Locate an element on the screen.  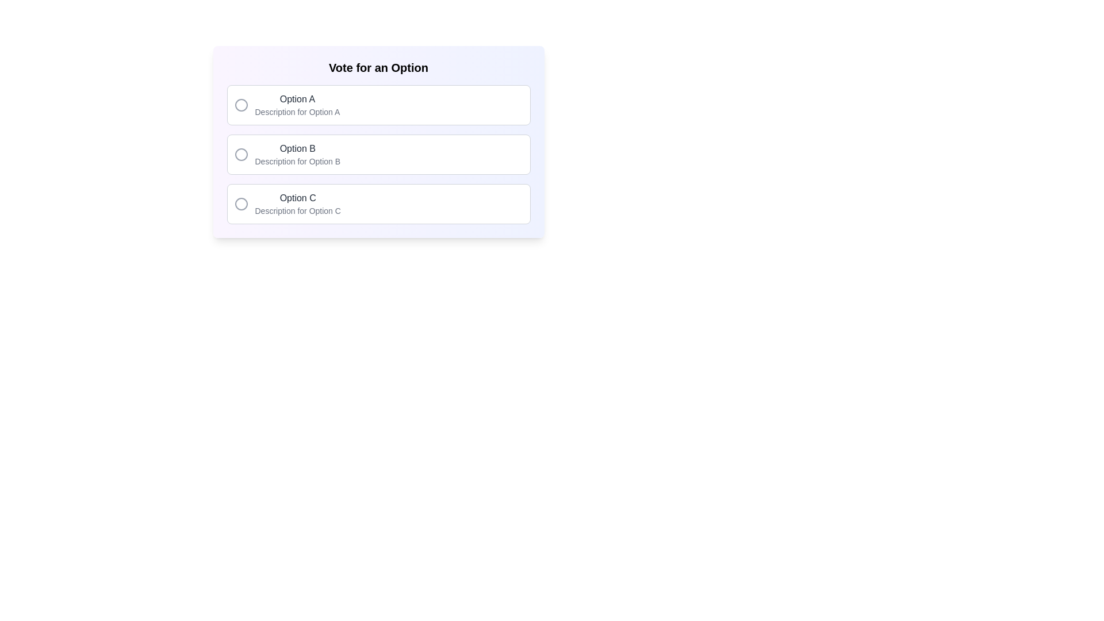
the clickable option group containing 'Option B' for keyboard interaction is located at coordinates (378, 154).